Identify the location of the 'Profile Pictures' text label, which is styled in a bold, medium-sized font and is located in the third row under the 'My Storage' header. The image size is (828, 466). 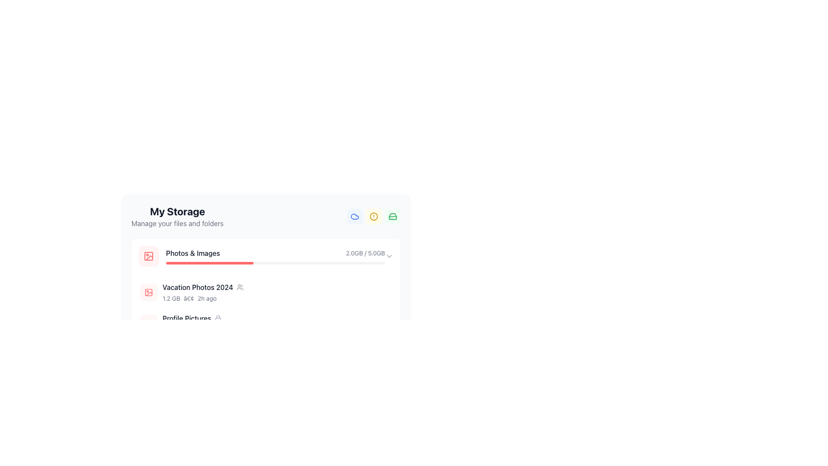
(186, 318).